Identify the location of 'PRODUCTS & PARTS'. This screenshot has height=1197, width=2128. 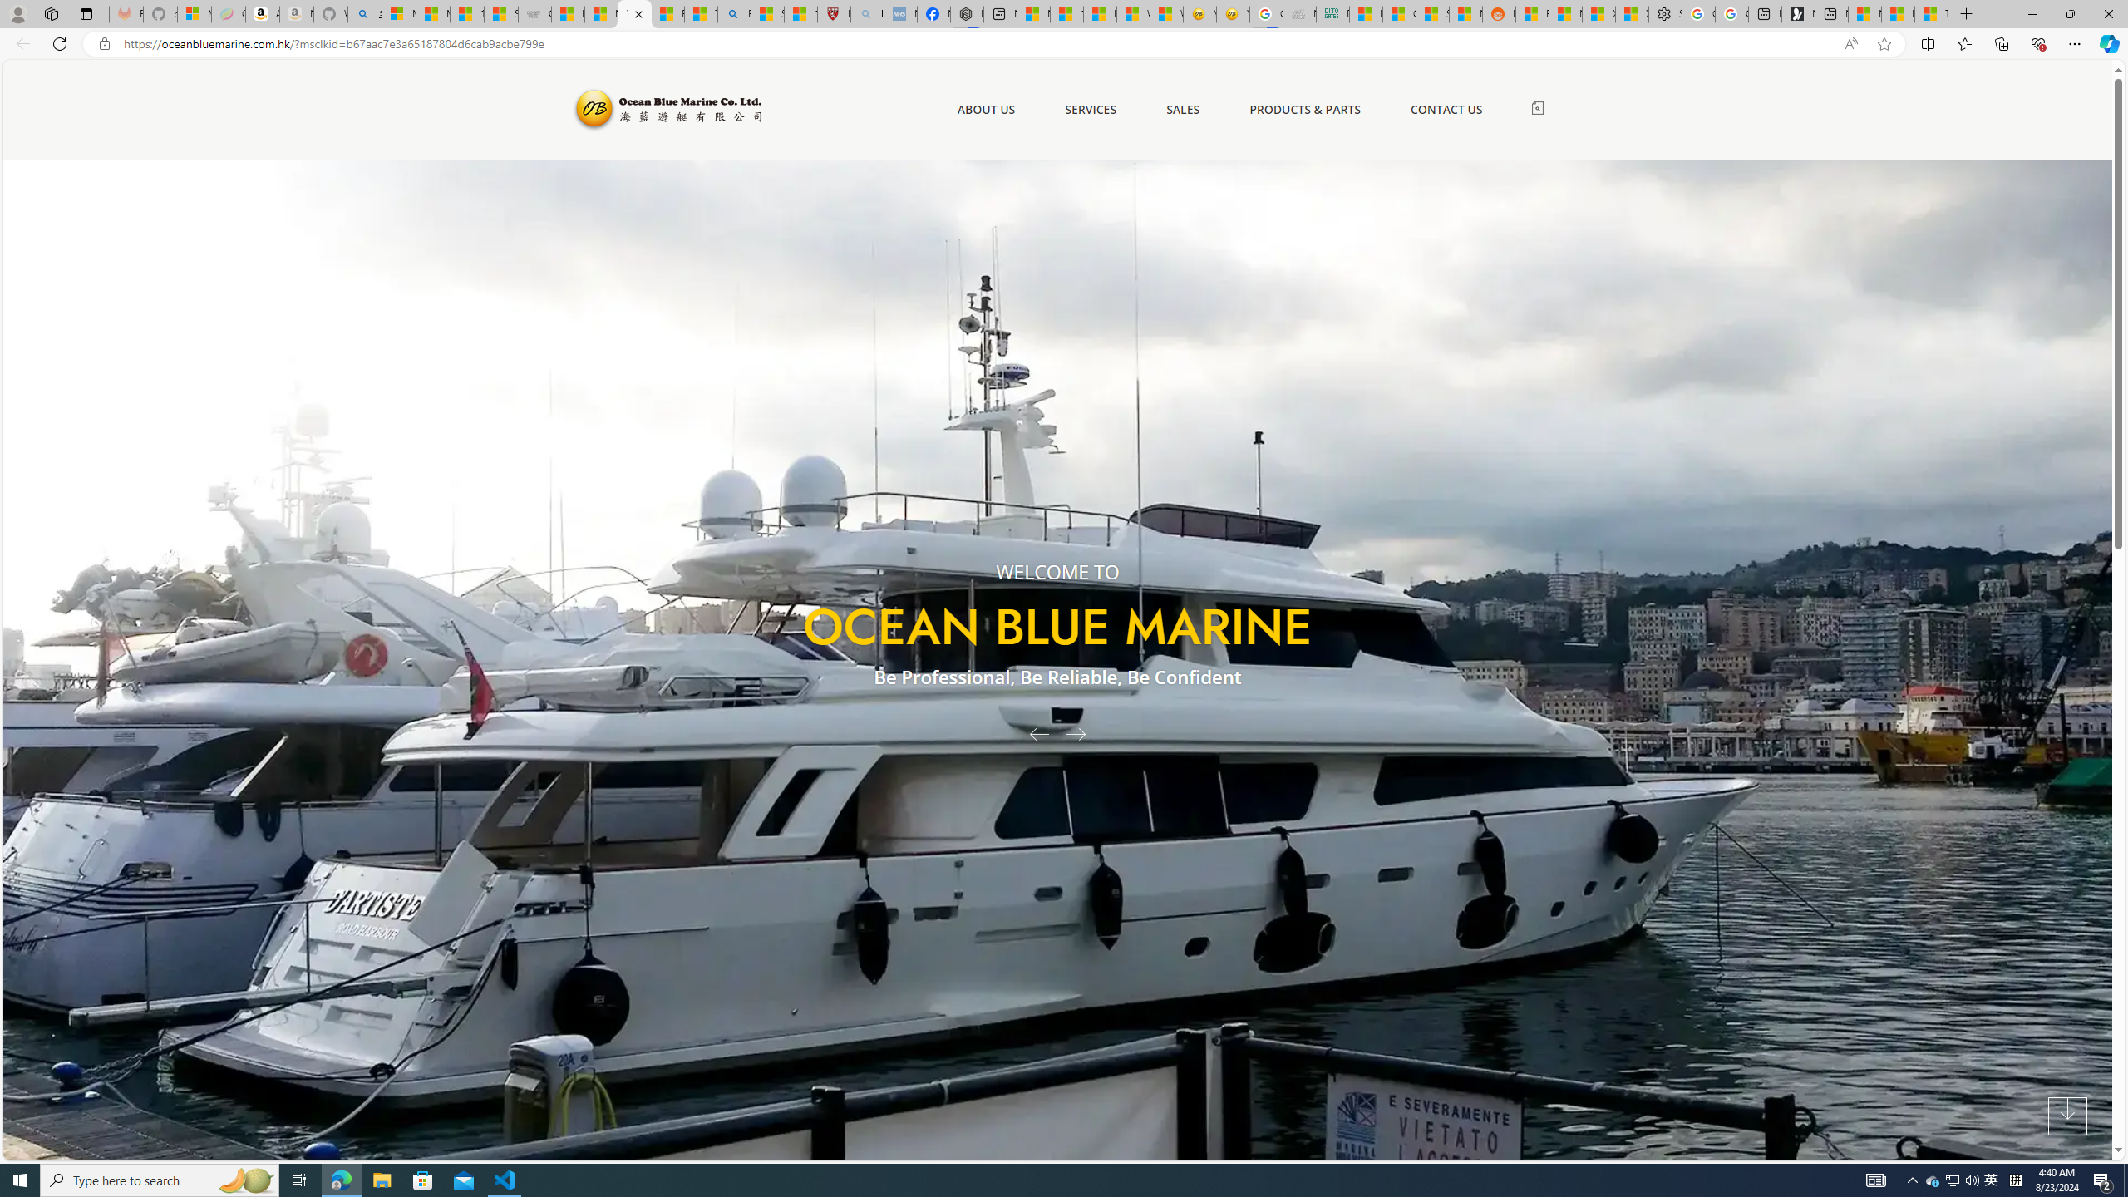
(1304, 109).